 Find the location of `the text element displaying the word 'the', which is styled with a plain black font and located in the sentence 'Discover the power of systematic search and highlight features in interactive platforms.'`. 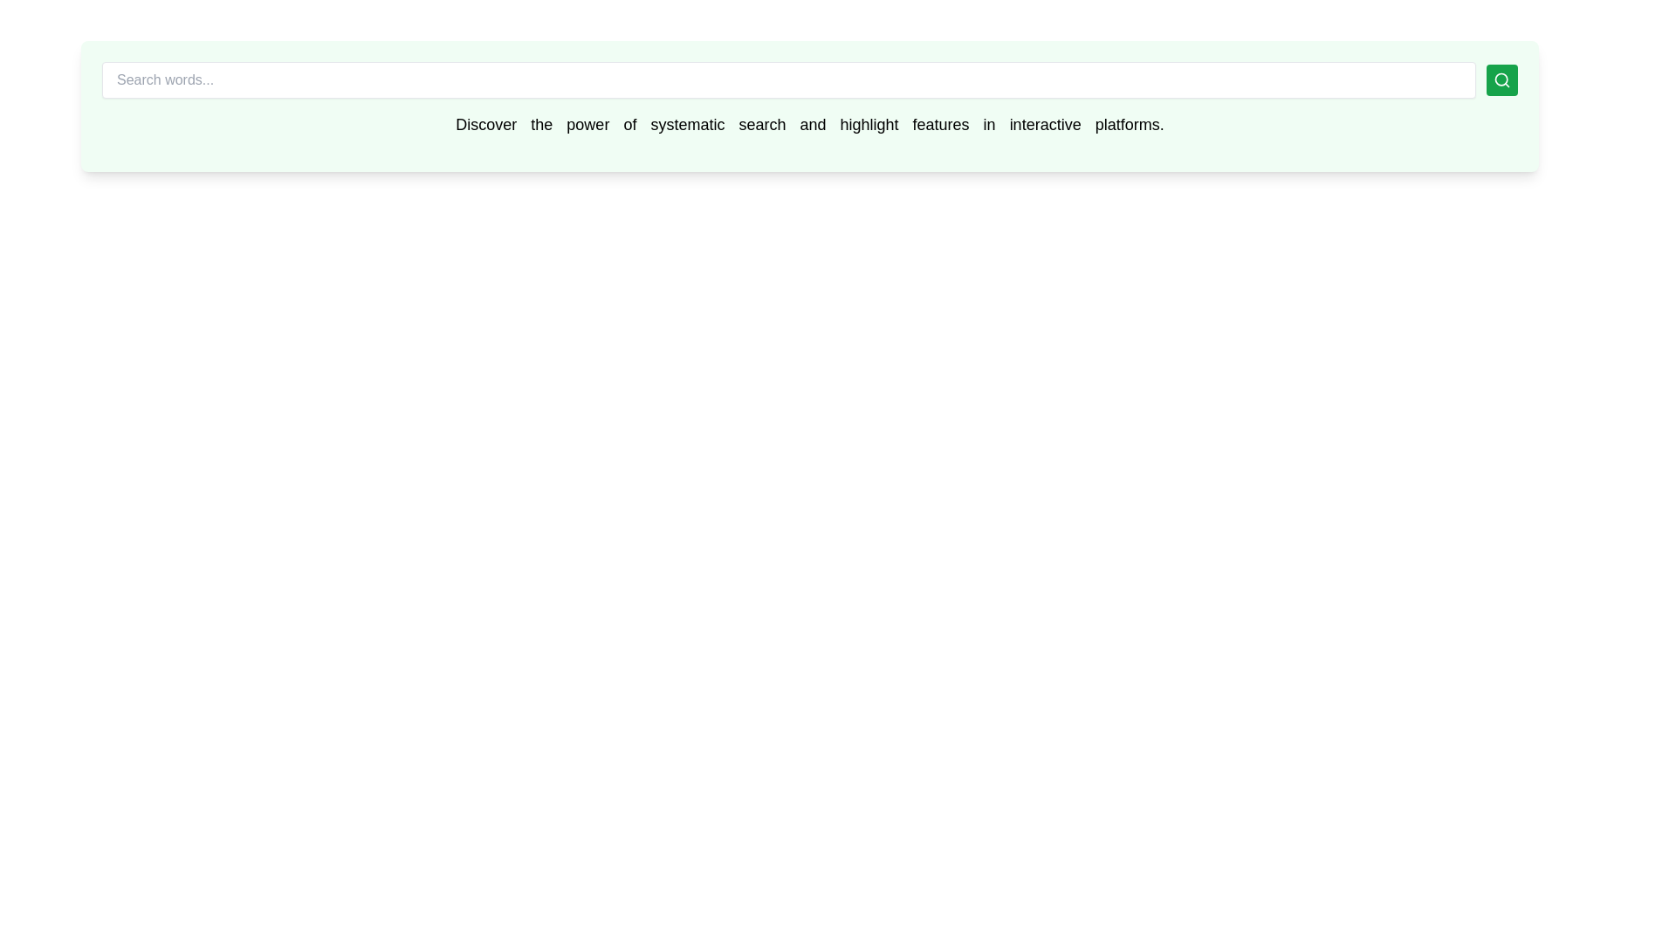

the text element displaying the word 'the', which is styled with a plain black font and located in the sentence 'Discover the power of systematic search and highlight features in interactive platforms.' is located at coordinates (540, 123).